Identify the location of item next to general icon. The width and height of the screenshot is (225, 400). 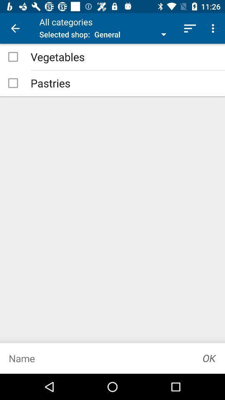
(190, 28).